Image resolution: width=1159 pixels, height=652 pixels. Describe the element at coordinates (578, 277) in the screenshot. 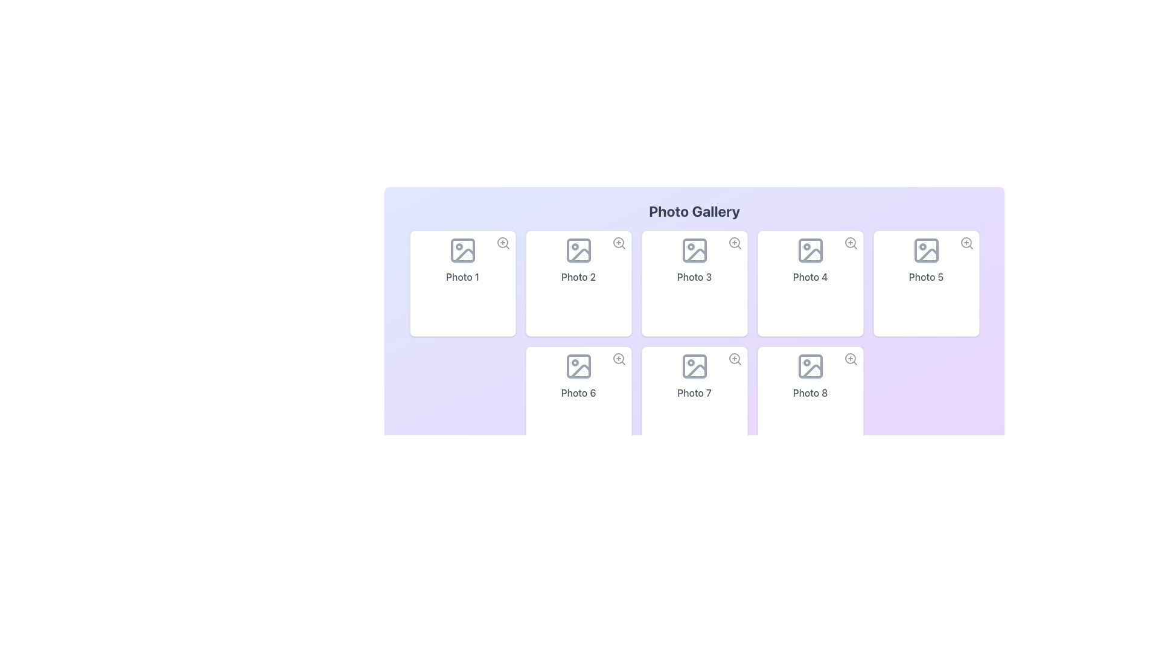

I see `text label 'Photo 2' which is styled with medium gray center-aligned font, located below the image icon of the second photo card in the top row of a grid layout` at that location.